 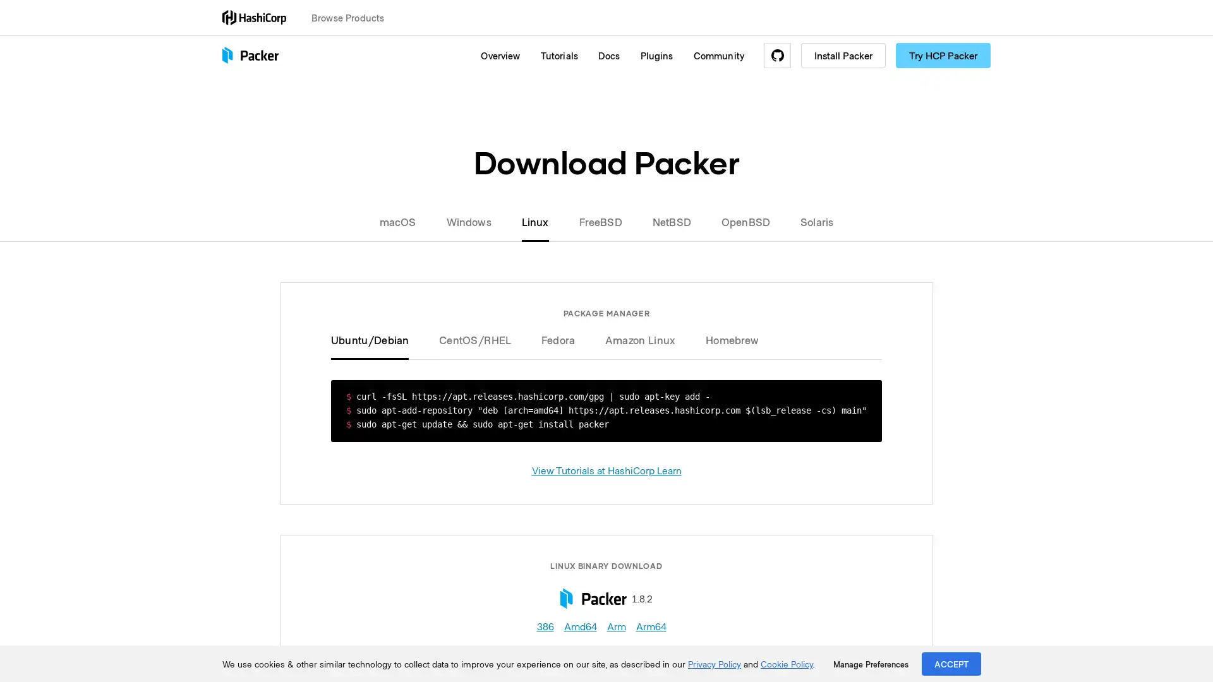 I want to click on ACCEPT, so click(x=951, y=663).